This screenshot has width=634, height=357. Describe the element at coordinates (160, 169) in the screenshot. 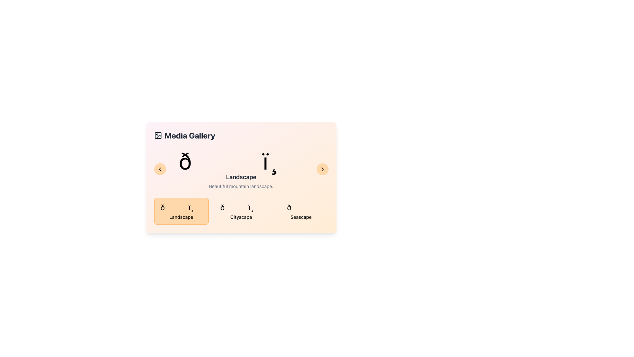

I see `the button located on the left side of the media display area` at that location.